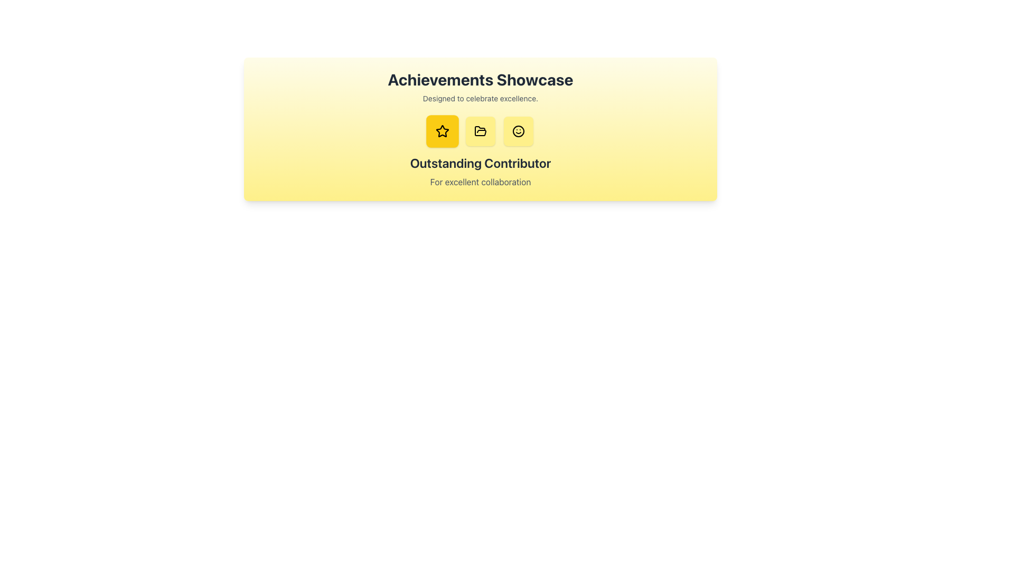 The image size is (1014, 570). What do you see at coordinates (519, 131) in the screenshot?
I see `the outer circular part of the smiley face icon located inside the third button in a horizontal row of three buttons` at bounding box center [519, 131].